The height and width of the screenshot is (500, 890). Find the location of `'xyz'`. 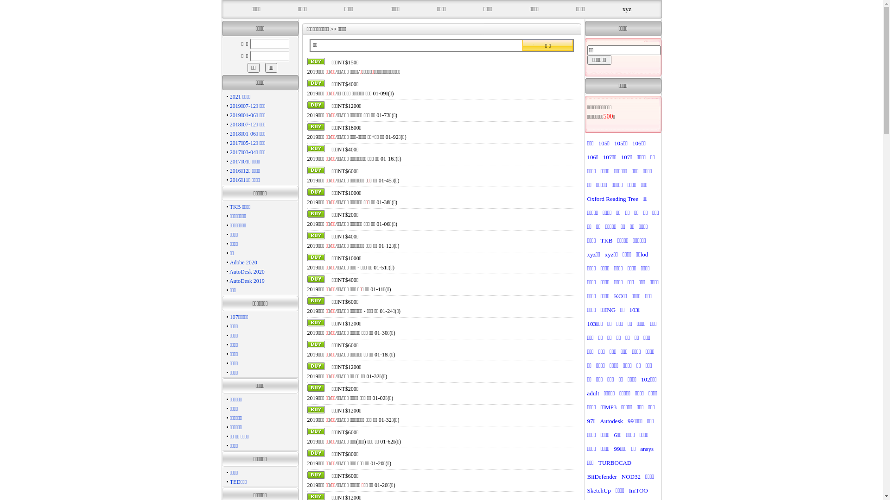

'xyz' is located at coordinates (623, 9).